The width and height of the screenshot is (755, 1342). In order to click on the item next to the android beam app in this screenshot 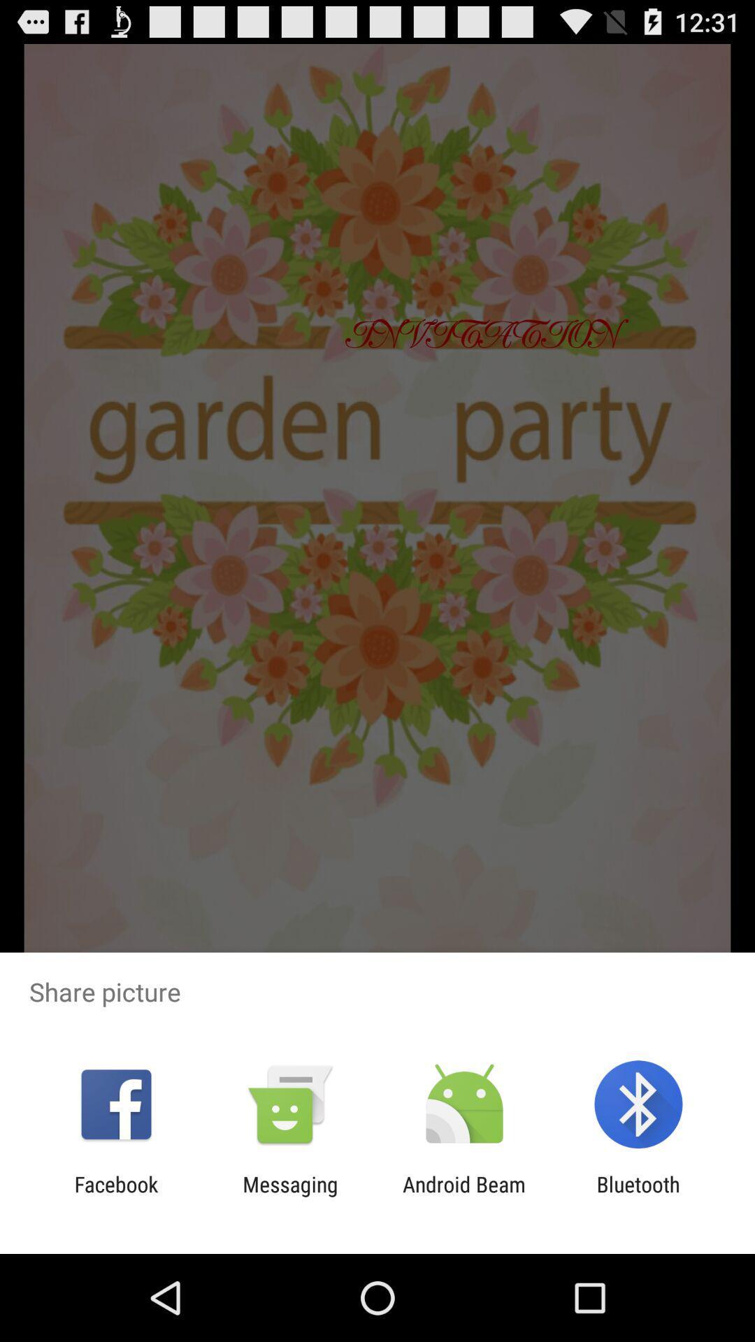, I will do `click(638, 1196)`.